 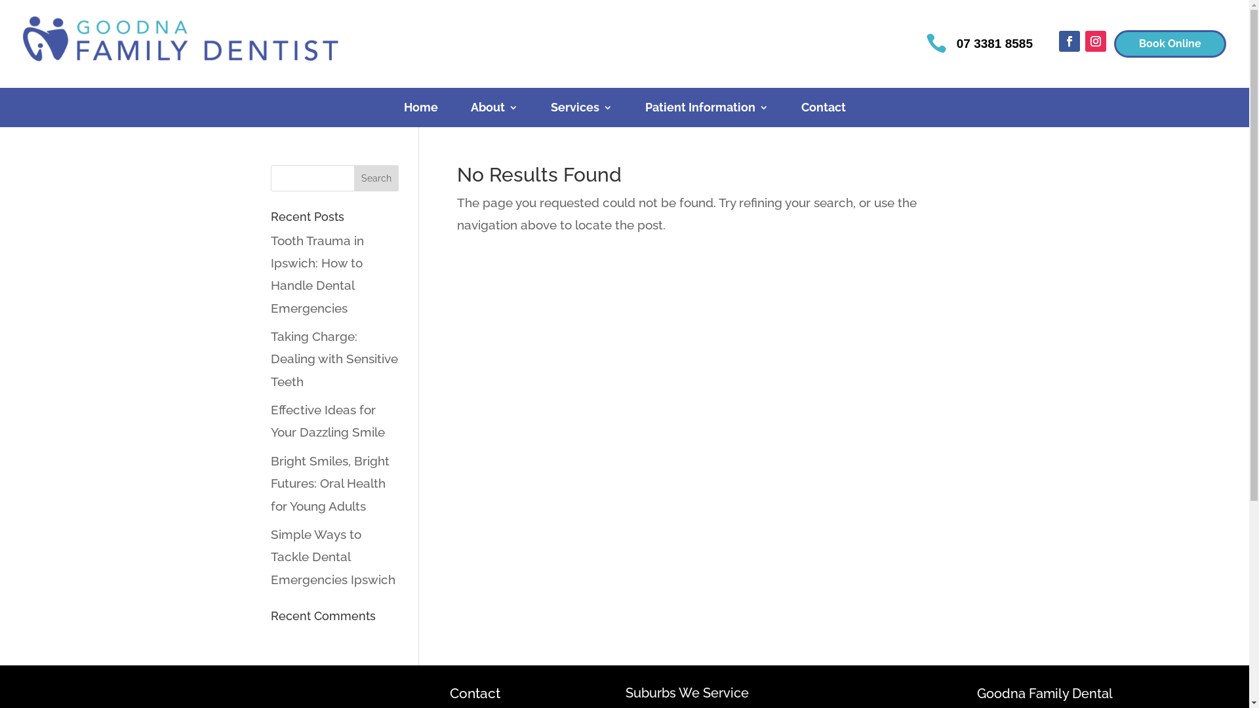 What do you see at coordinates (317, 273) in the screenshot?
I see `'Tooth Trauma in Ipswich: How to Handle Dental Emergencies'` at bounding box center [317, 273].